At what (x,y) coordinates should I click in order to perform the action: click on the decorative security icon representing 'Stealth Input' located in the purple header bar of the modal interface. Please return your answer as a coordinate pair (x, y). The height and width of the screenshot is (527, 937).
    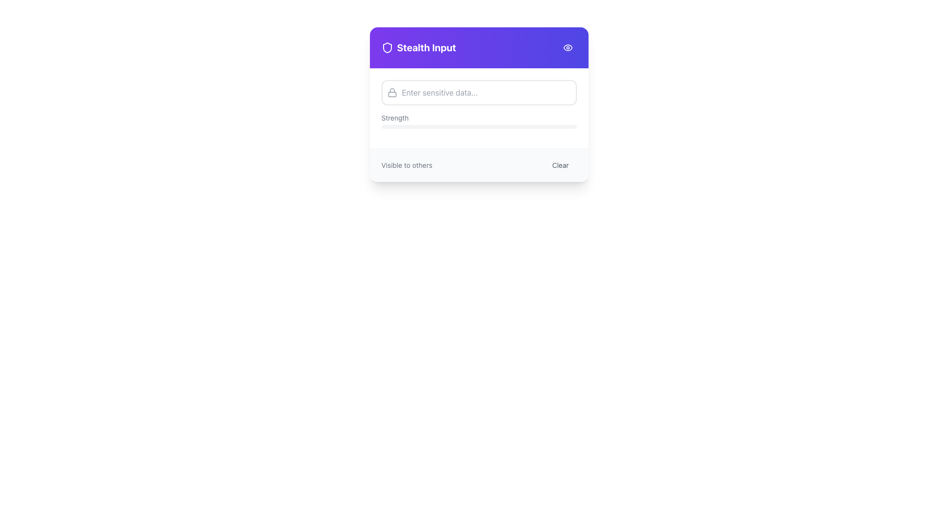
    Looking at the image, I should click on (387, 47).